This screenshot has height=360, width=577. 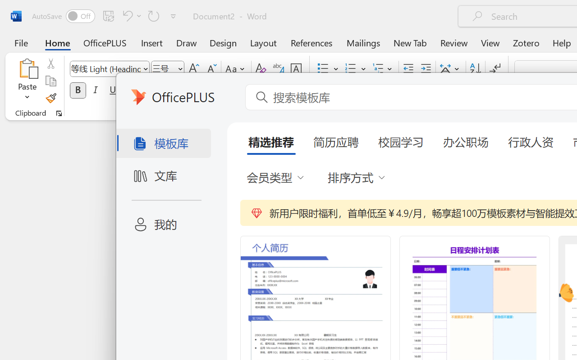 What do you see at coordinates (27, 68) in the screenshot?
I see `'Paste'` at bounding box center [27, 68].